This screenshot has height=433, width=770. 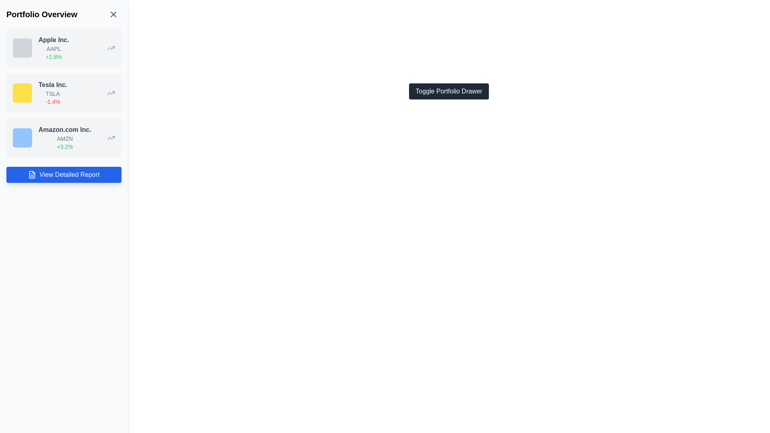 I want to click on bold text 'Amazon.com Inc.' located in the third row of the portfolio overview section in the left panel, above the ticker symbol 'AMZN' and the percentage '+3.2%', so click(x=65, y=129).